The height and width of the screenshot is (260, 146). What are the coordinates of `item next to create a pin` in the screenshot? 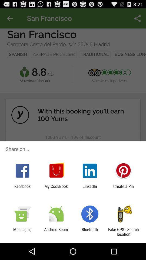 It's located at (90, 188).